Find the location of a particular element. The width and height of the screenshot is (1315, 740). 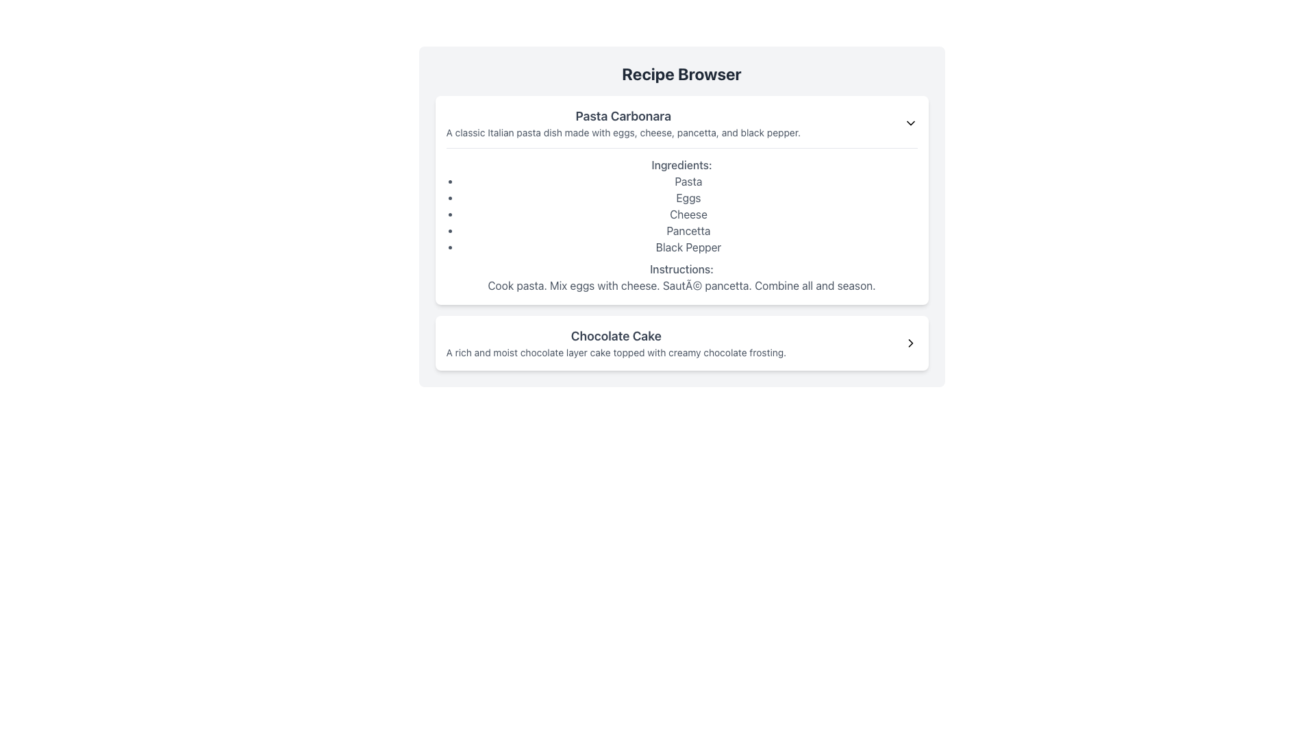

title 'Pasta Carbonara' and its description in the collapsible text block located at the top of the recipe list is located at coordinates (681, 123).